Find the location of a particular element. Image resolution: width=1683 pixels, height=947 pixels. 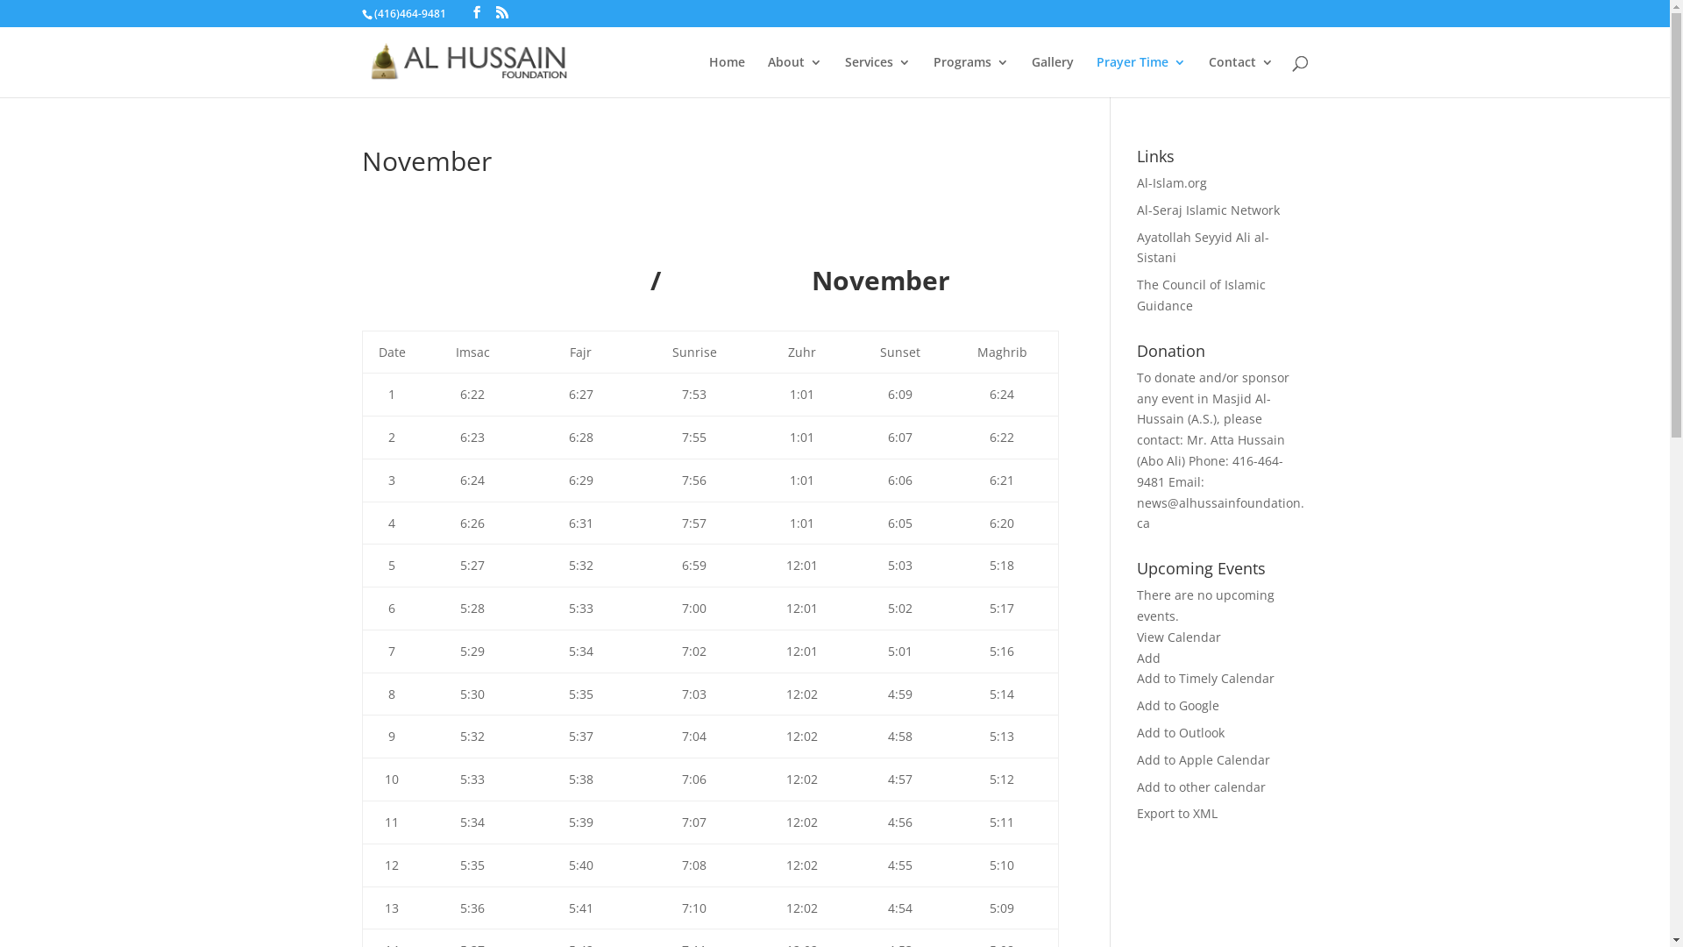

'Gallery' is located at coordinates (1052, 75).